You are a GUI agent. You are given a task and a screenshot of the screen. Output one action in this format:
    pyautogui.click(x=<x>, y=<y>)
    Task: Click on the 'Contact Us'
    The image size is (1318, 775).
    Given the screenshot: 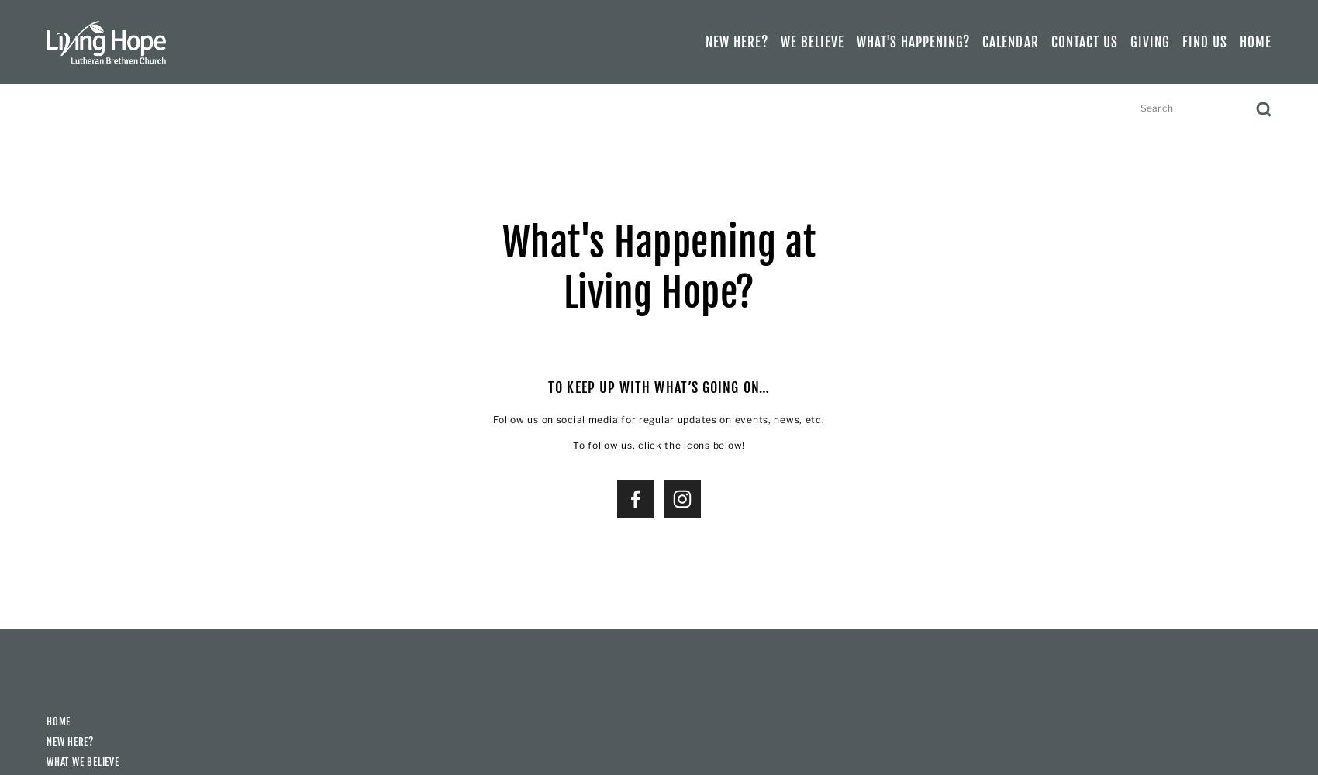 What is the action you would take?
    pyautogui.click(x=1083, y=42)
    